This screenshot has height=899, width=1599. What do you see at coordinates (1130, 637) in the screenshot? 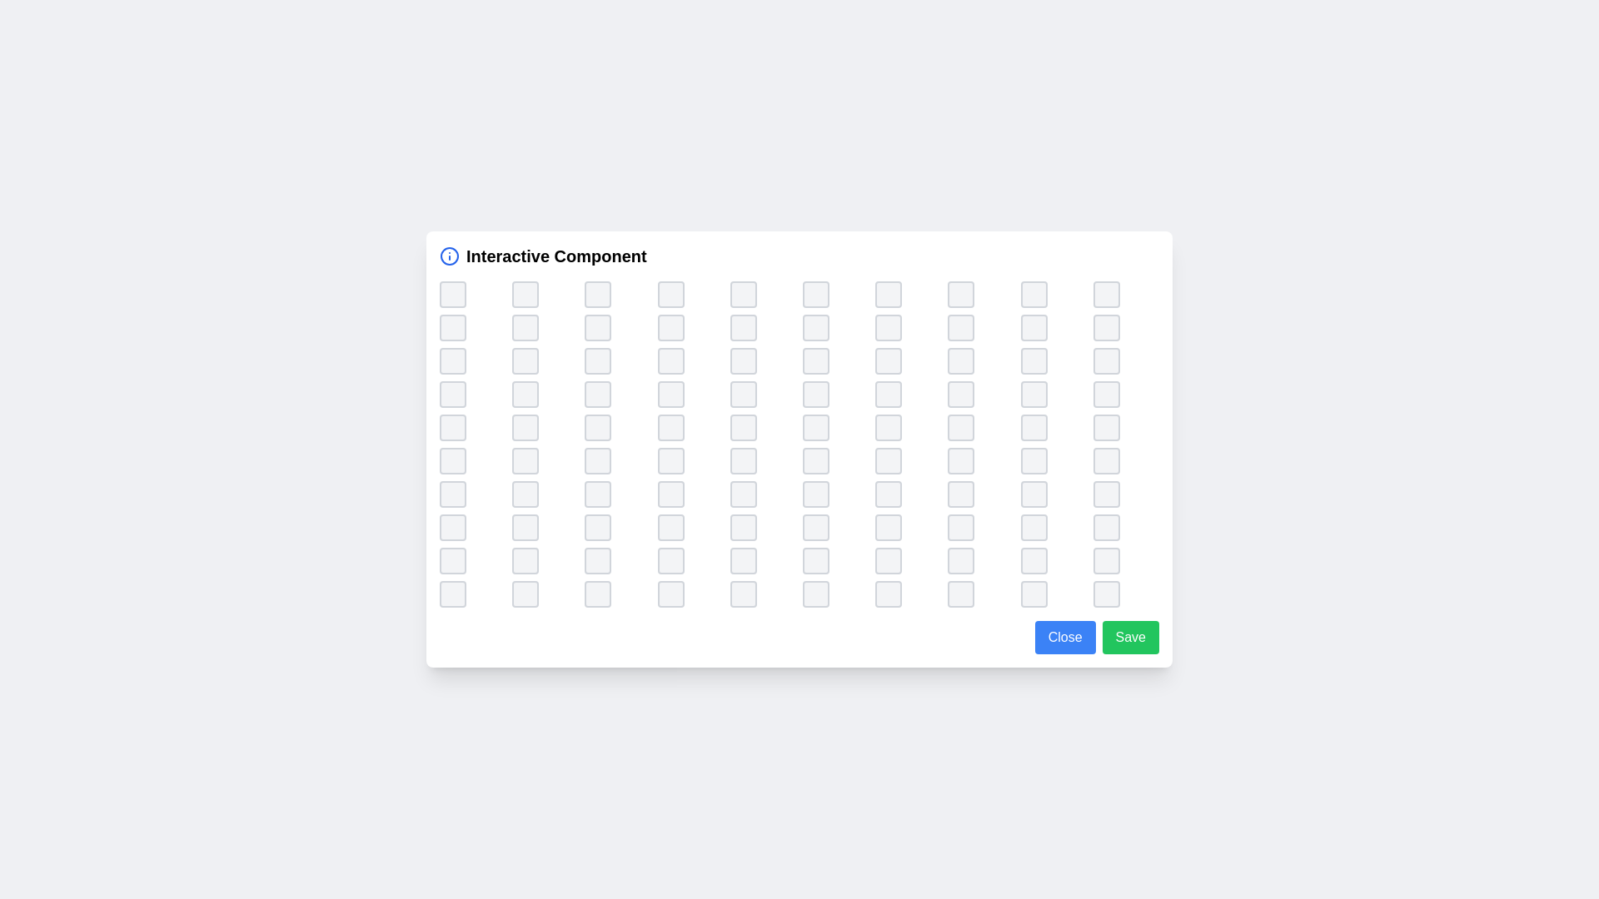
I see `the 'Save' button to save the current state` at bounding box center [1130, 637].